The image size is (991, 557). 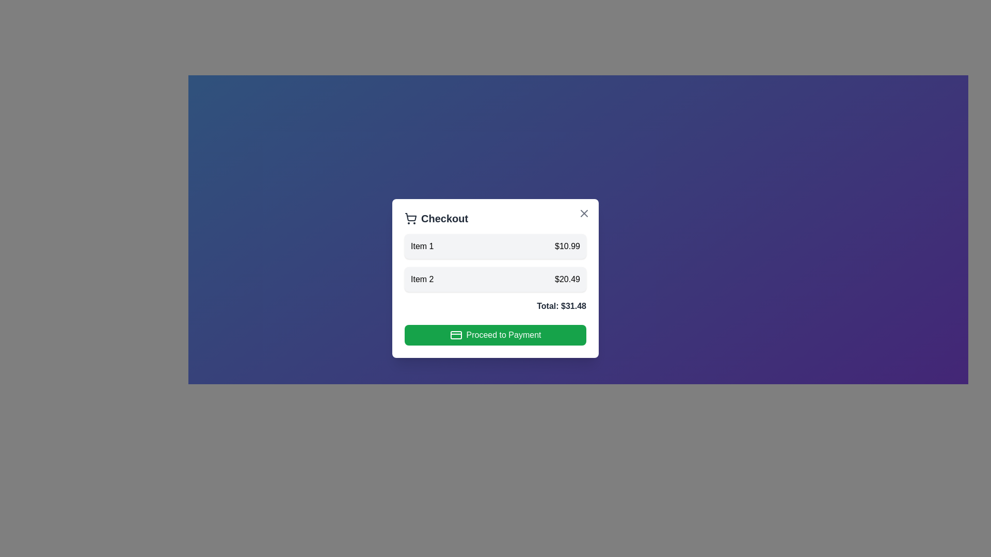 I want to click on the green rectangular icon with rounded corners located inside the 'Proceed to Payment' button on the left side of the button's text, so click(x=455, y=335).